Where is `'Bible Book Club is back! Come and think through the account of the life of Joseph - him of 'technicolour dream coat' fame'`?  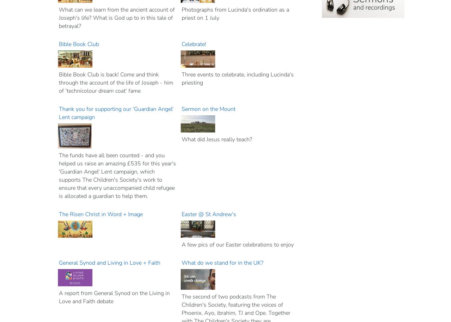 'Bible Book Club is back! Come and think through the account of the life of Joseph - him of 'technicolour dream coat' fame' is located at coordinates (116, 82).